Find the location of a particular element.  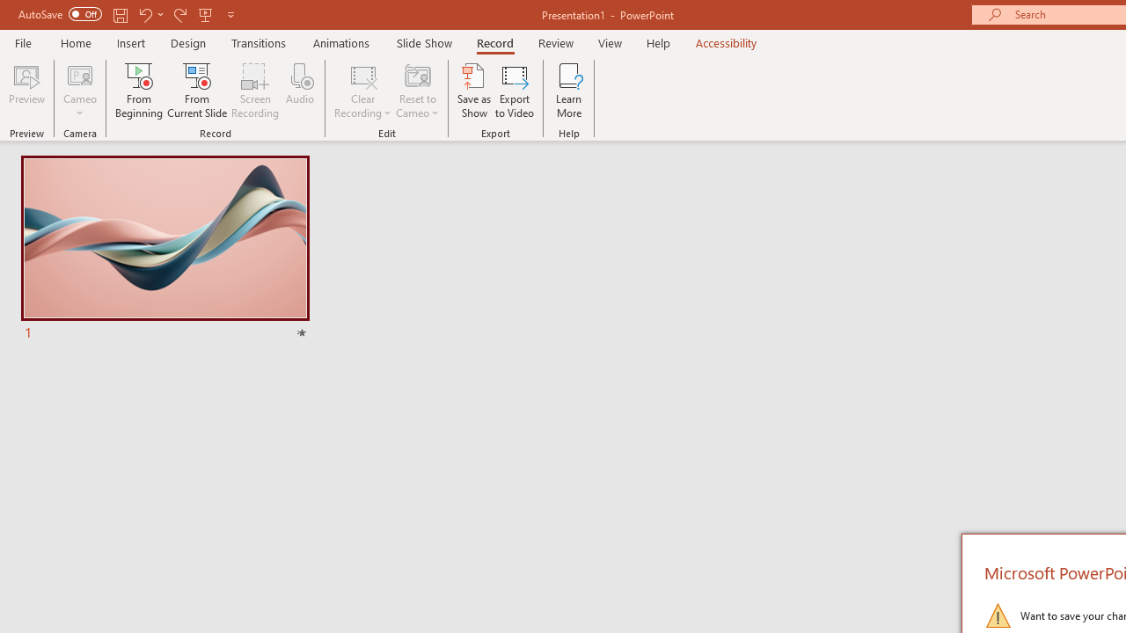

'Screen Recording' is located at coordinates (254, 91).